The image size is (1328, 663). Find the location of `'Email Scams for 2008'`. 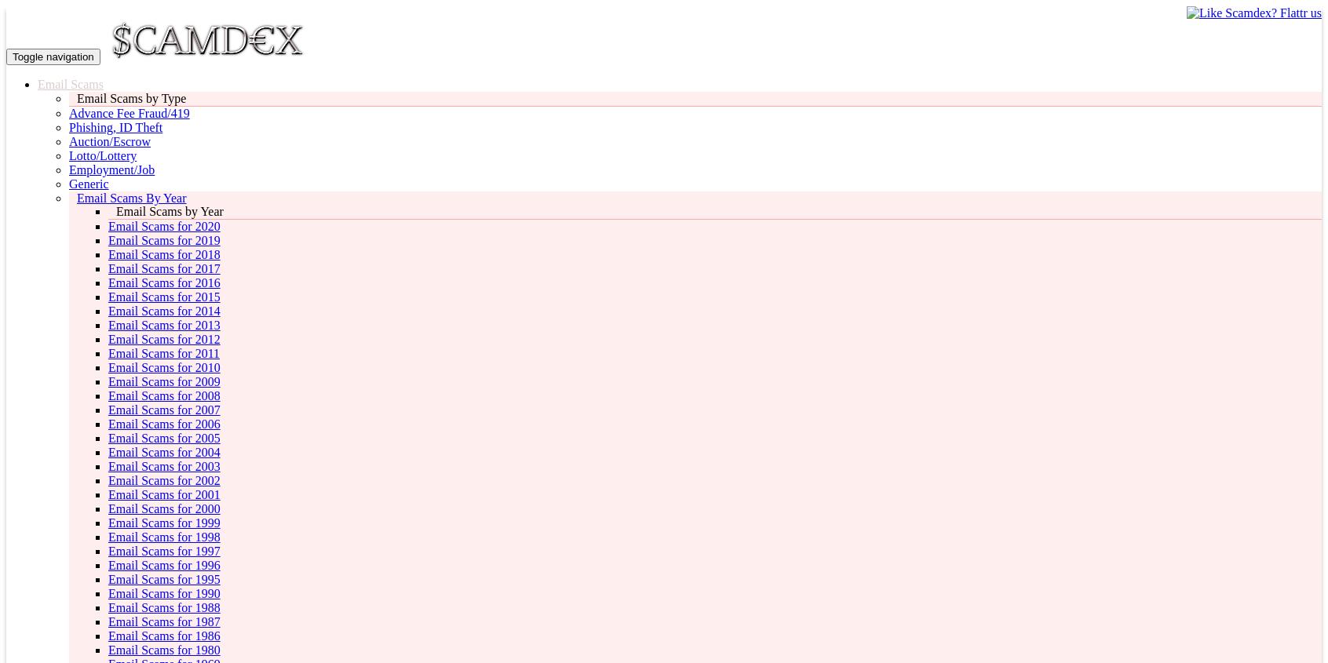

'Email Scams for 2008' is located at coordinates (162, 395).